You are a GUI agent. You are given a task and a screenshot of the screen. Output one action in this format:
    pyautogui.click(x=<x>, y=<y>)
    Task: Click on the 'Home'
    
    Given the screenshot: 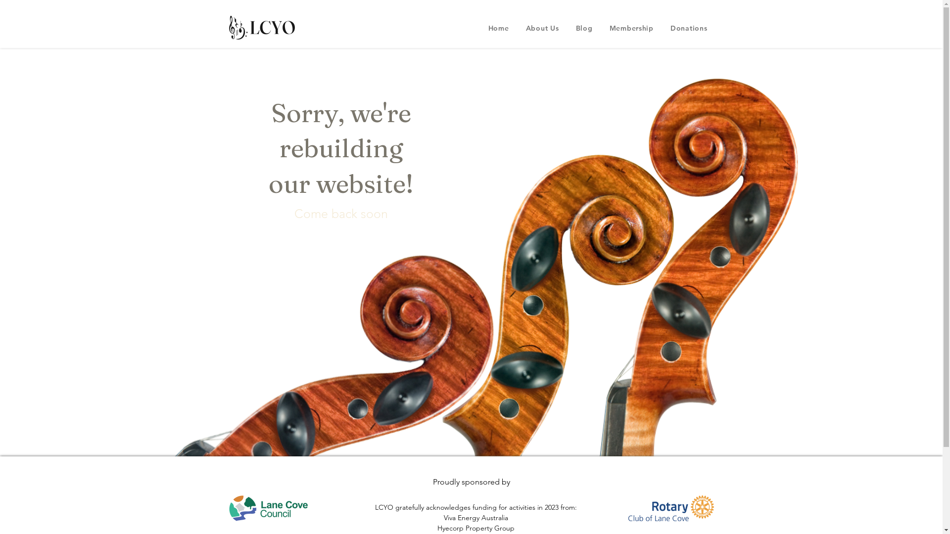 What is the action you would take?
    pyautogui.click(x=499, y=28)
    